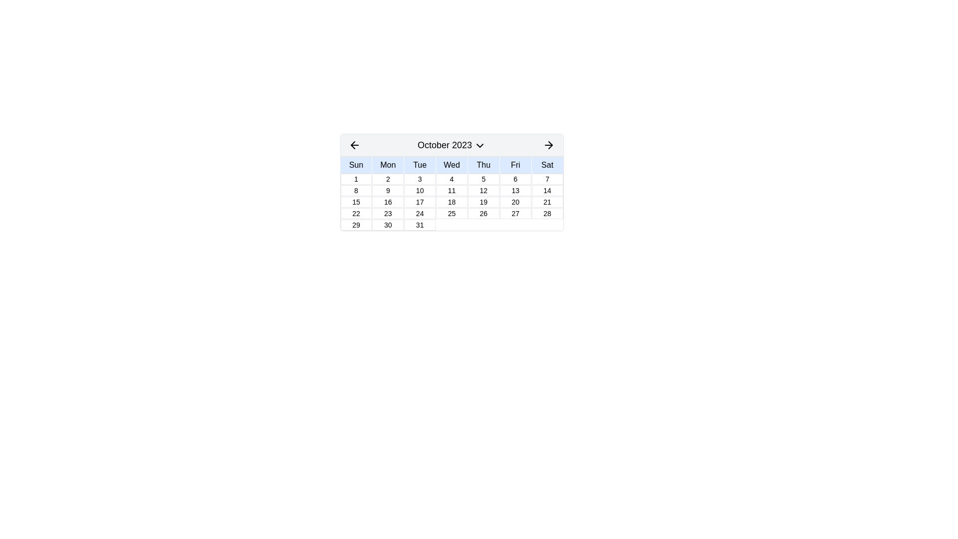 The image size is (958, 539). Describe the element at coordinates (483, 202) in the screenshot. I see `the static text label displaying the number '19' in a small font, styled with black text on a white background, located in the calendar view for October 2023, in the row for the week starting October 15 and the column labeled 'Thu'` at that location.